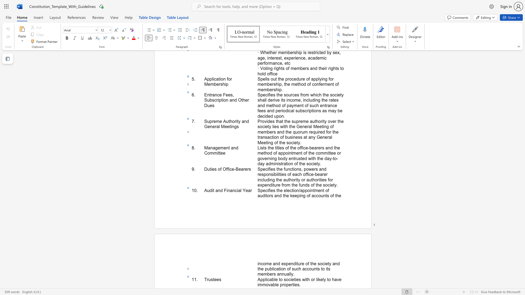  What do you see at coordinates (208, 169) in the screenshot?
I see `the 1th character "u" in the text` at bounding box center [208, 169].